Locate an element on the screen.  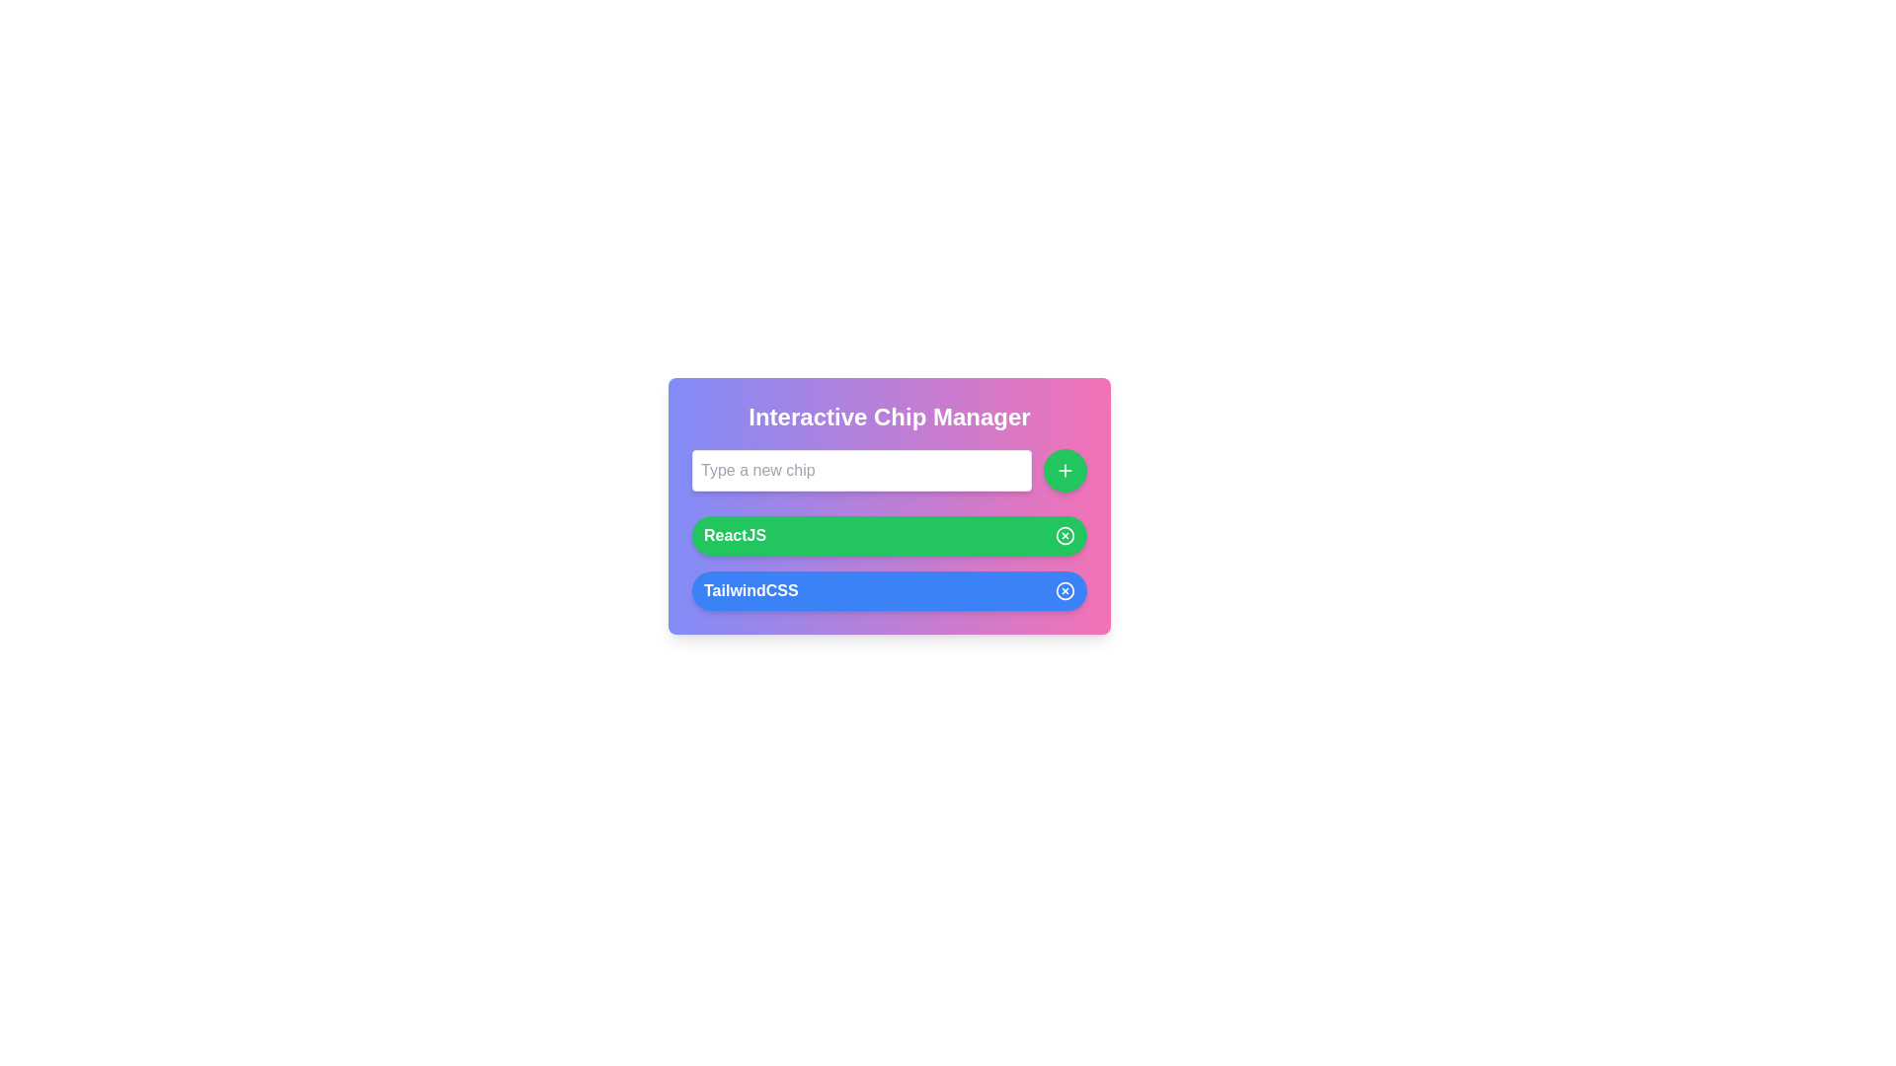
the circular green button with a white plus sign is located at coordinates (1065, 471).